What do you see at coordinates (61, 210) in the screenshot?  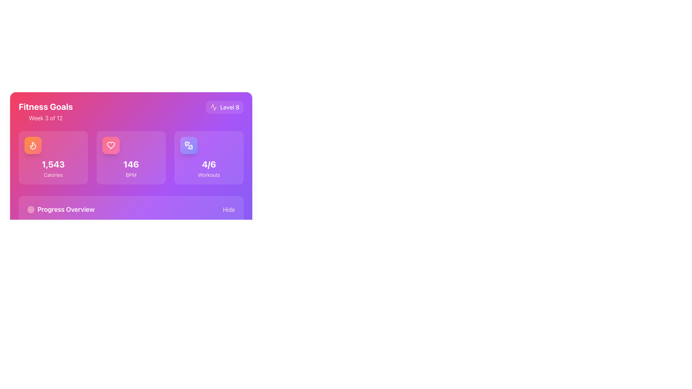 I see `the 'Progress Overview' label with decorative icon, which features a bold white font and a circular icon on a pinkish-purple background, located at the bottom-left corner of the interface` at bounding box center [61, 210].